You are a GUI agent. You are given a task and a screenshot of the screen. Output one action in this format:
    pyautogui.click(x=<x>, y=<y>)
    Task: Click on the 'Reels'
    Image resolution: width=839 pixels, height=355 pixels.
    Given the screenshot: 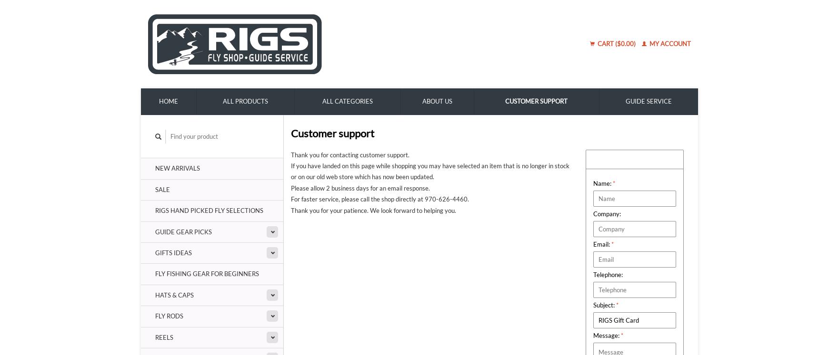 What is the action you would take?
    pyautogui.click(x=155, y=336)
    